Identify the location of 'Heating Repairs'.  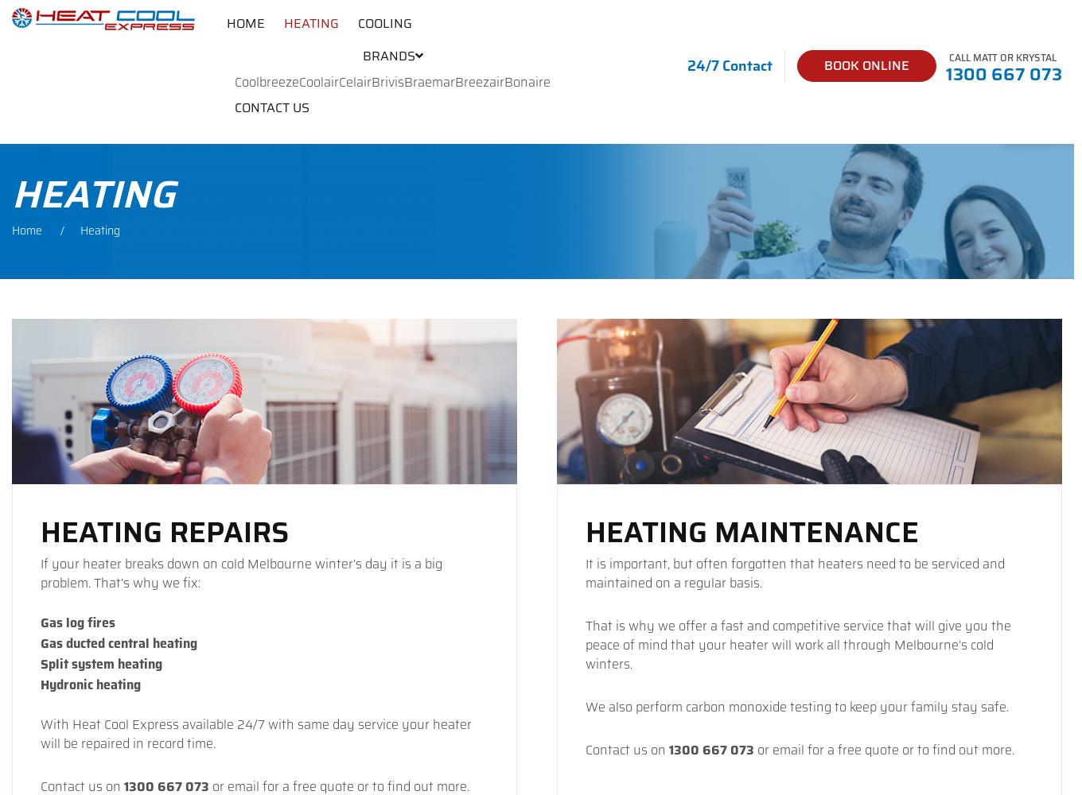
(163, 532).